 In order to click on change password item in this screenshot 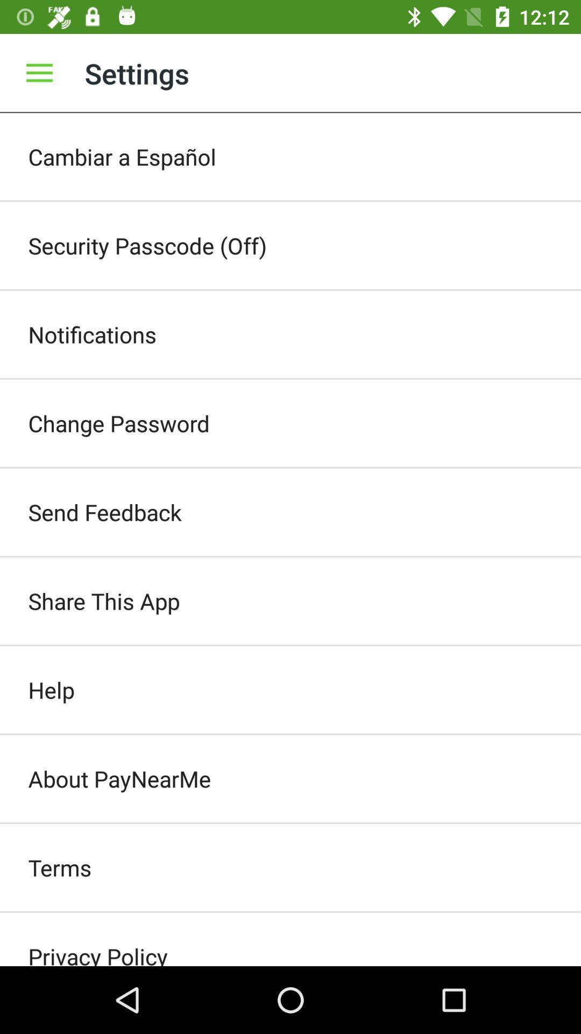, I will do `click(290, 423)`.